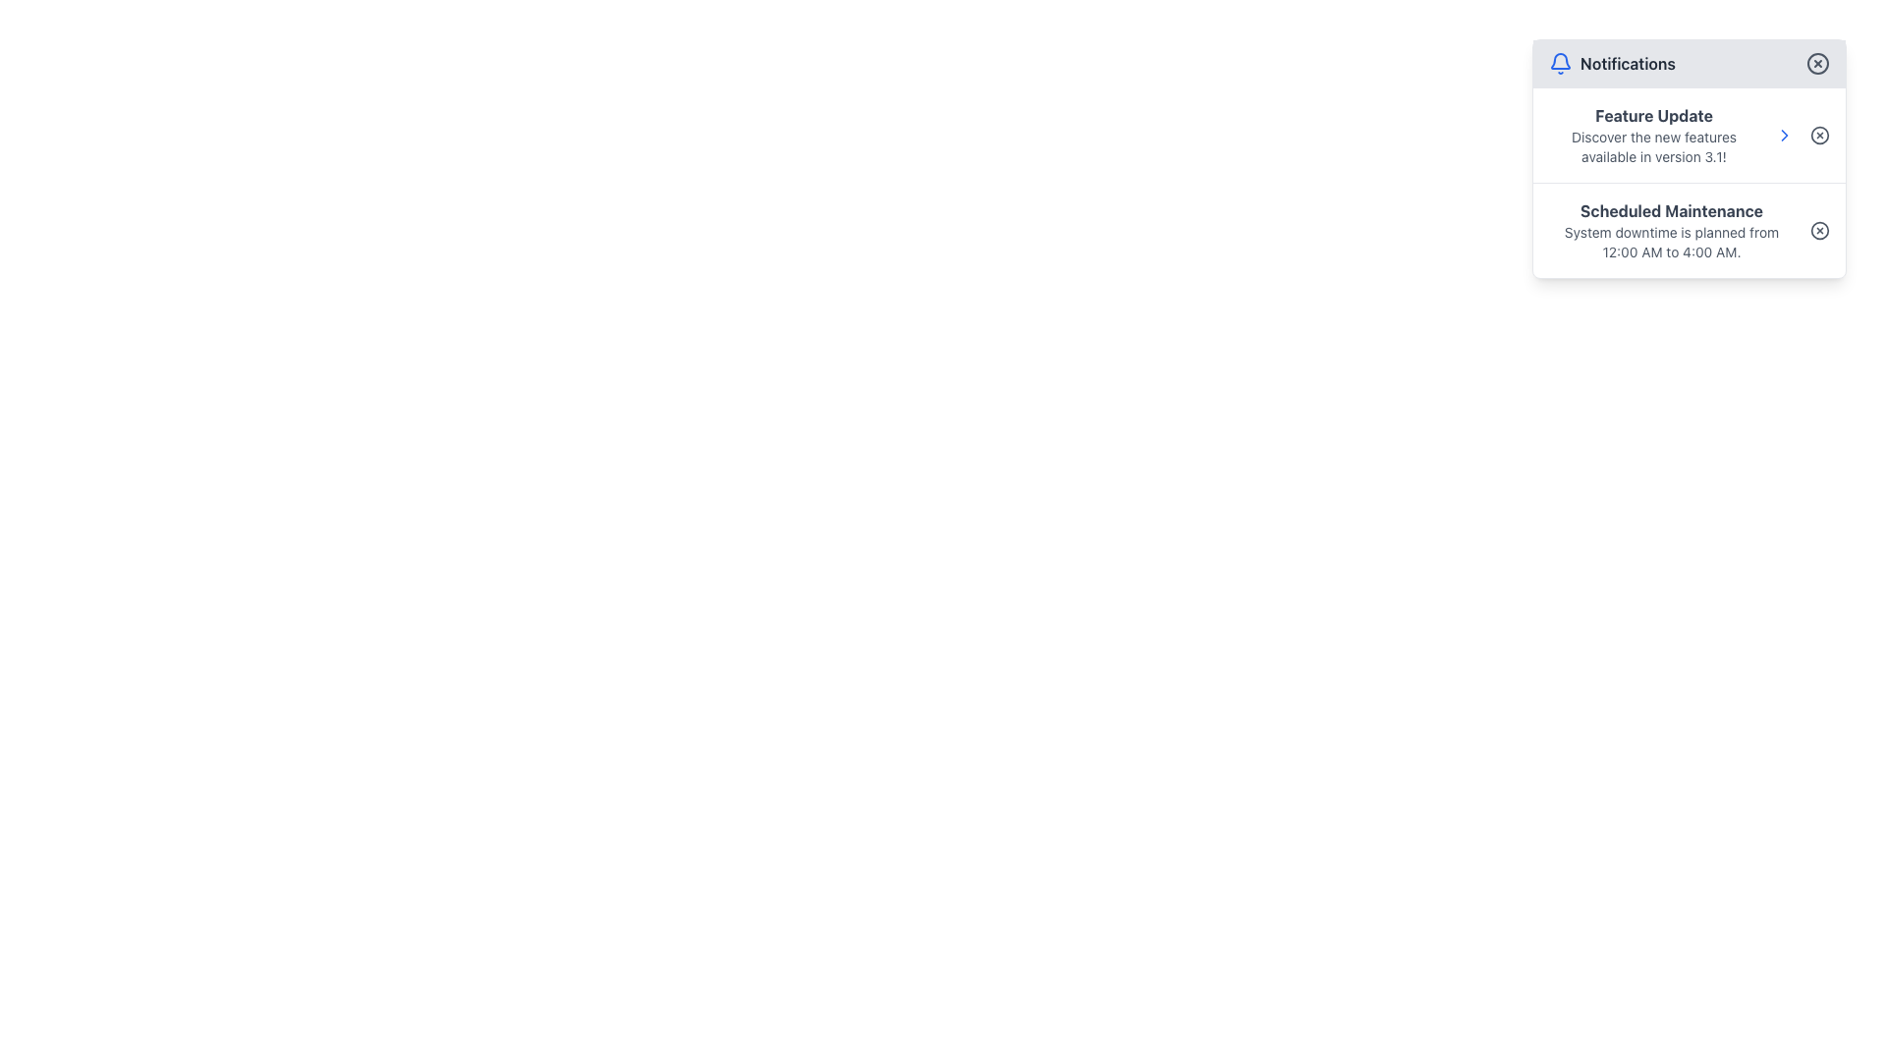 This screenshot has width=1886, height=1061. I want to click on the bold, dark gray text label displaying 'Scheduled Maintenance', so click(1671, 211).